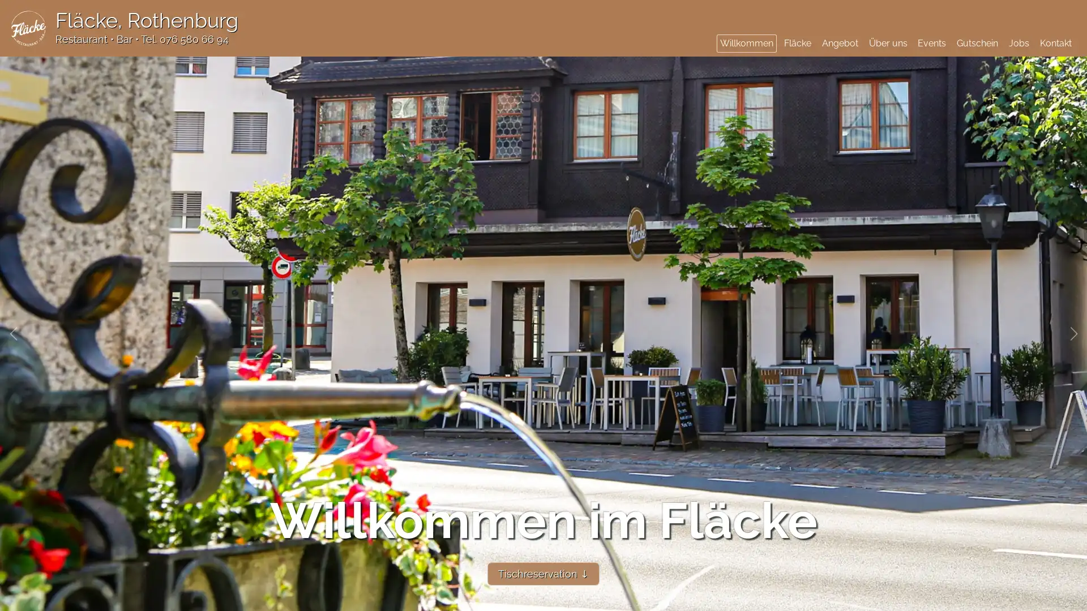 The image size is (1087, 611). I want to click on Previous slide, so click(13, 333).